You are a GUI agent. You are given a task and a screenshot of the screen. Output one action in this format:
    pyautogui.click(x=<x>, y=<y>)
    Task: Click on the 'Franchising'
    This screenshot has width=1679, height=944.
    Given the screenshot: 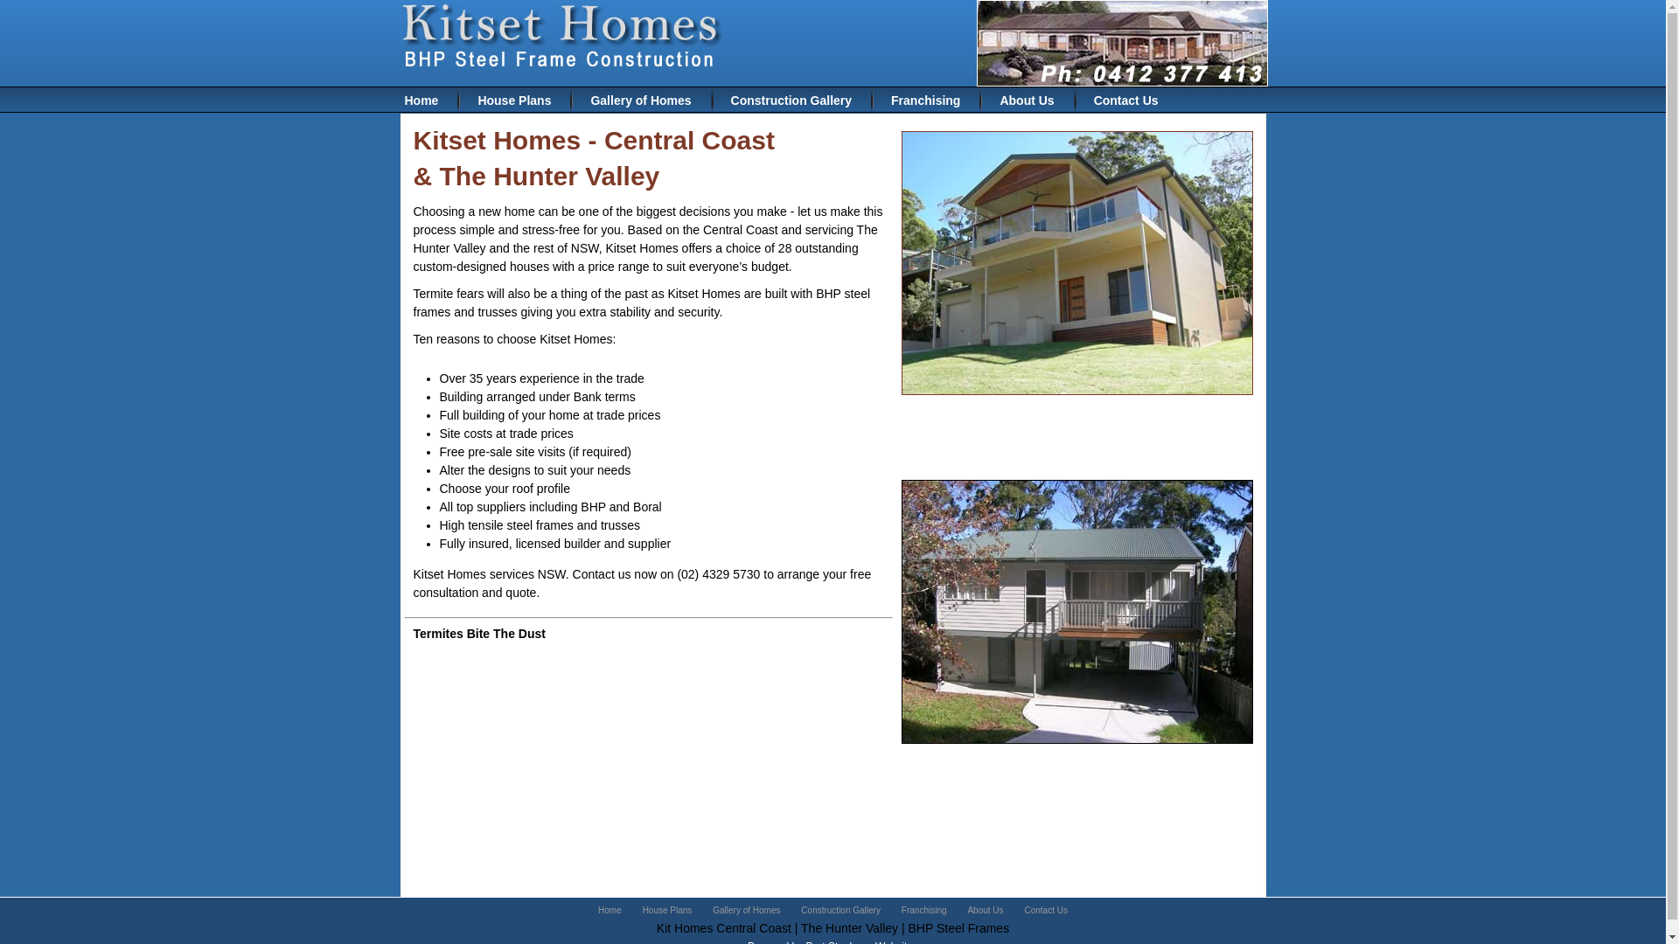 What is the action you would take?
    pyautogui.click(x=873, y=101)
    